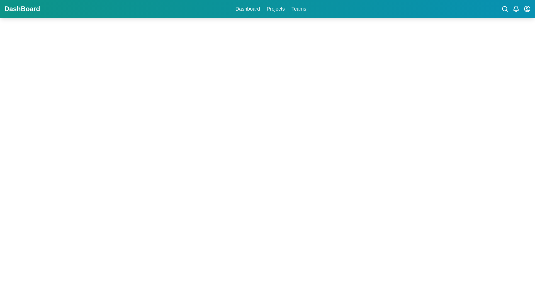 This screenshot has width=535, height=301. I want to click on central circular SVG element within the search icon located in the top-right corner of the interface, so click(504, 8).